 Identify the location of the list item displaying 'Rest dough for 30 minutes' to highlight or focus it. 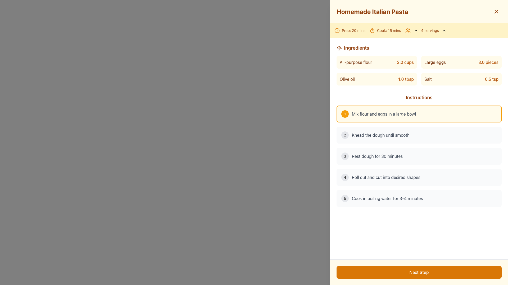
(419, 156).